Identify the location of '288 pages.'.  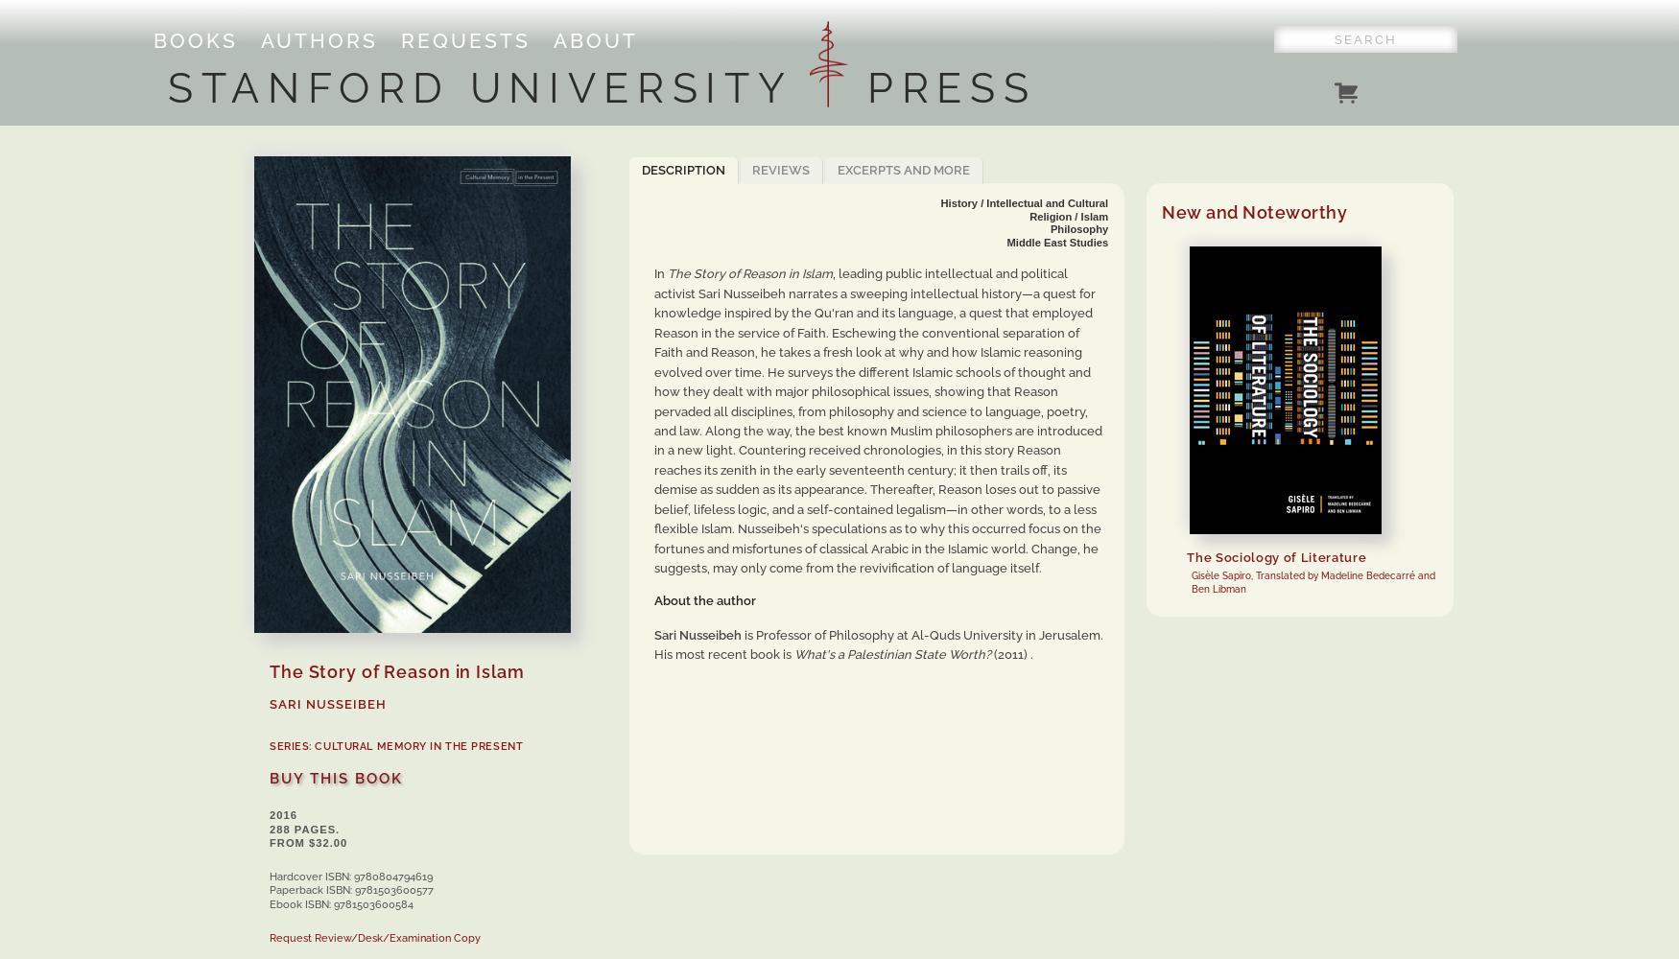
(304, 828).